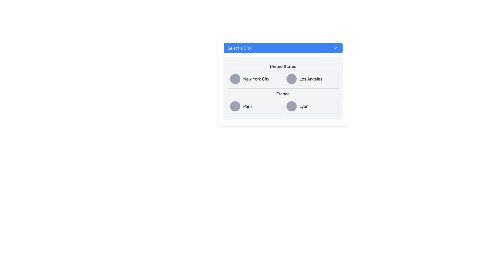 The image size is (492, 276). What do you see at coordinates (311, 79) in the screenshot?
I see `the text label displaying 'Los Angeles', which is located within a rectangular button in the 'United States' section of the interface` at bounding box center [311, 79].